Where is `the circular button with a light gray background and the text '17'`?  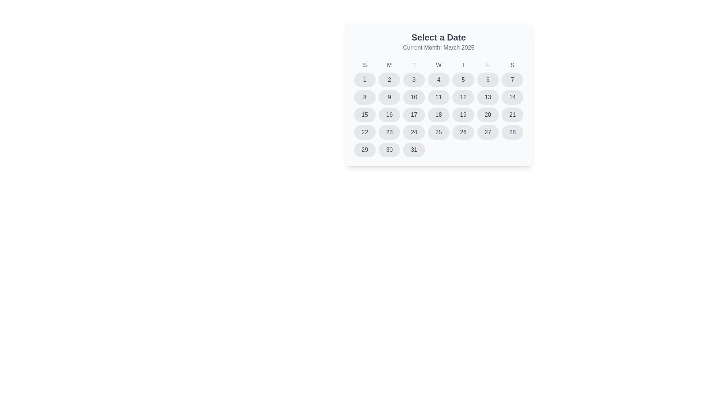
the circular button with a light gray background and the text '17' is located at coordinates (414, 115).